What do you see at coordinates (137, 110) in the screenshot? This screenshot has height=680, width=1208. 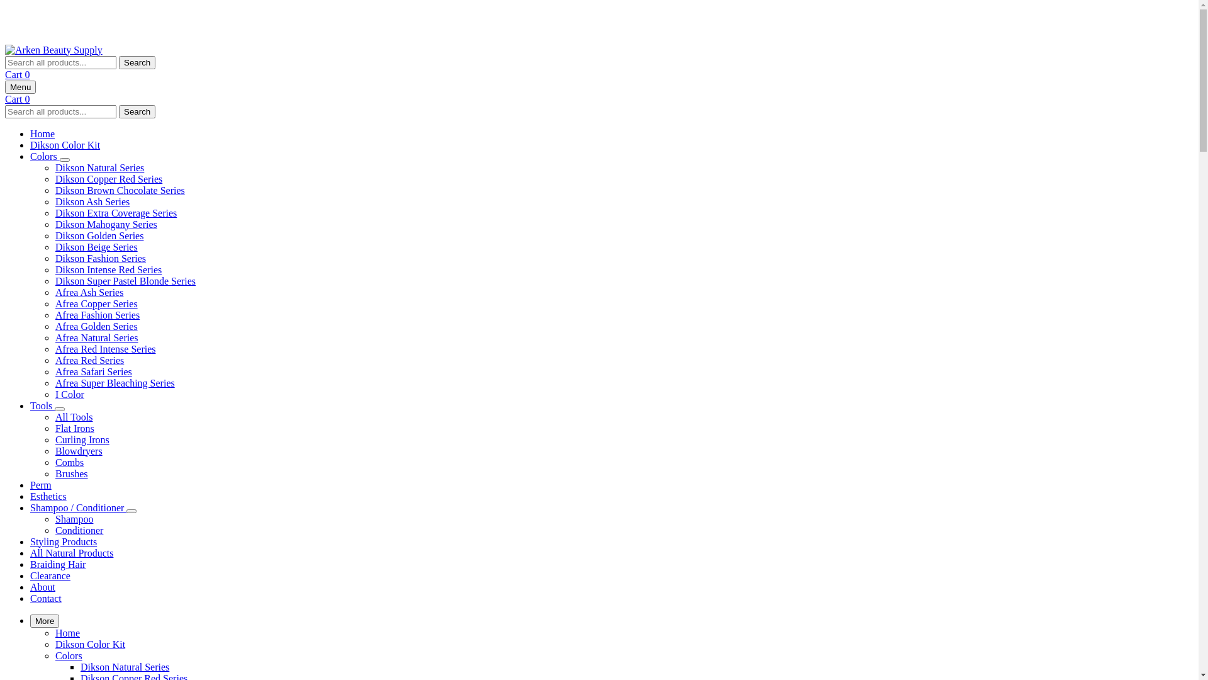 I see `'Search'` at bounding box center [137, 110].